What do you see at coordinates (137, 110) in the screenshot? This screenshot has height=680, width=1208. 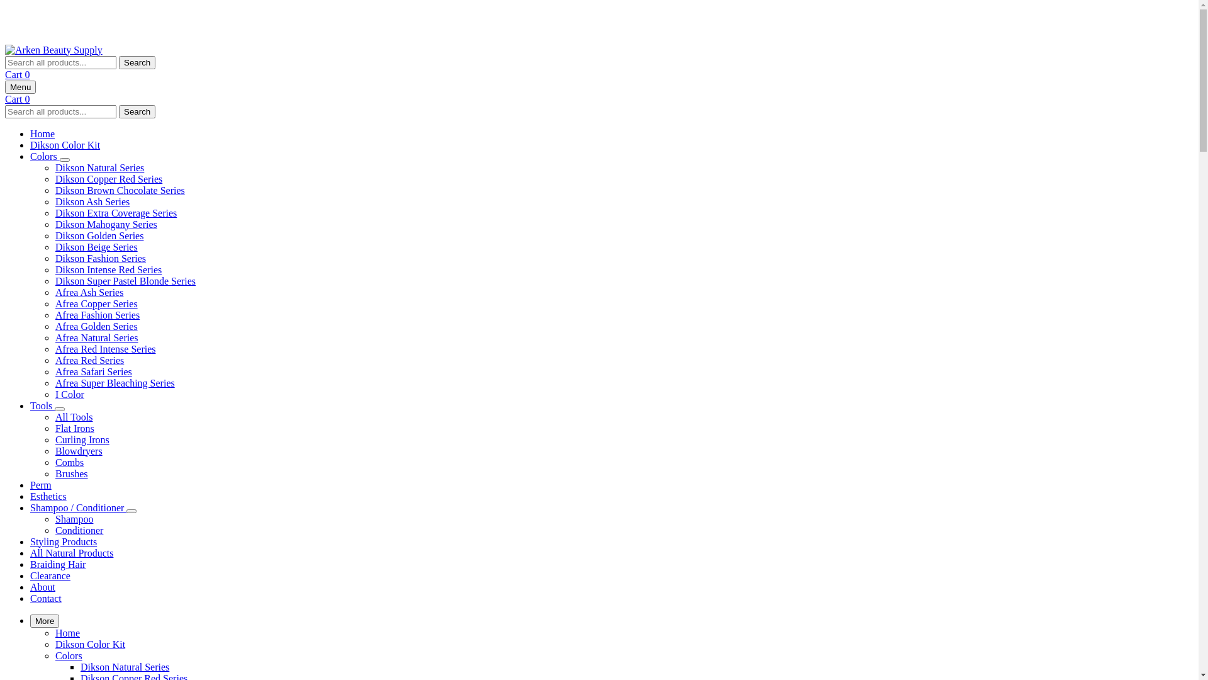 I see `'Search'` at bounding box center [137, 110].